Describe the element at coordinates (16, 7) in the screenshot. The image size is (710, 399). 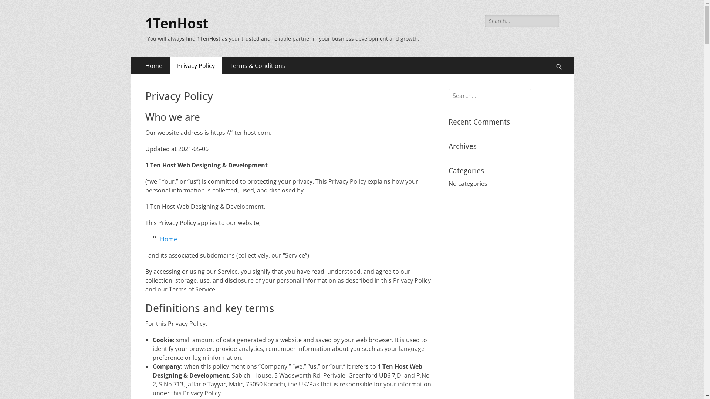
I see `'Search'` at that location.